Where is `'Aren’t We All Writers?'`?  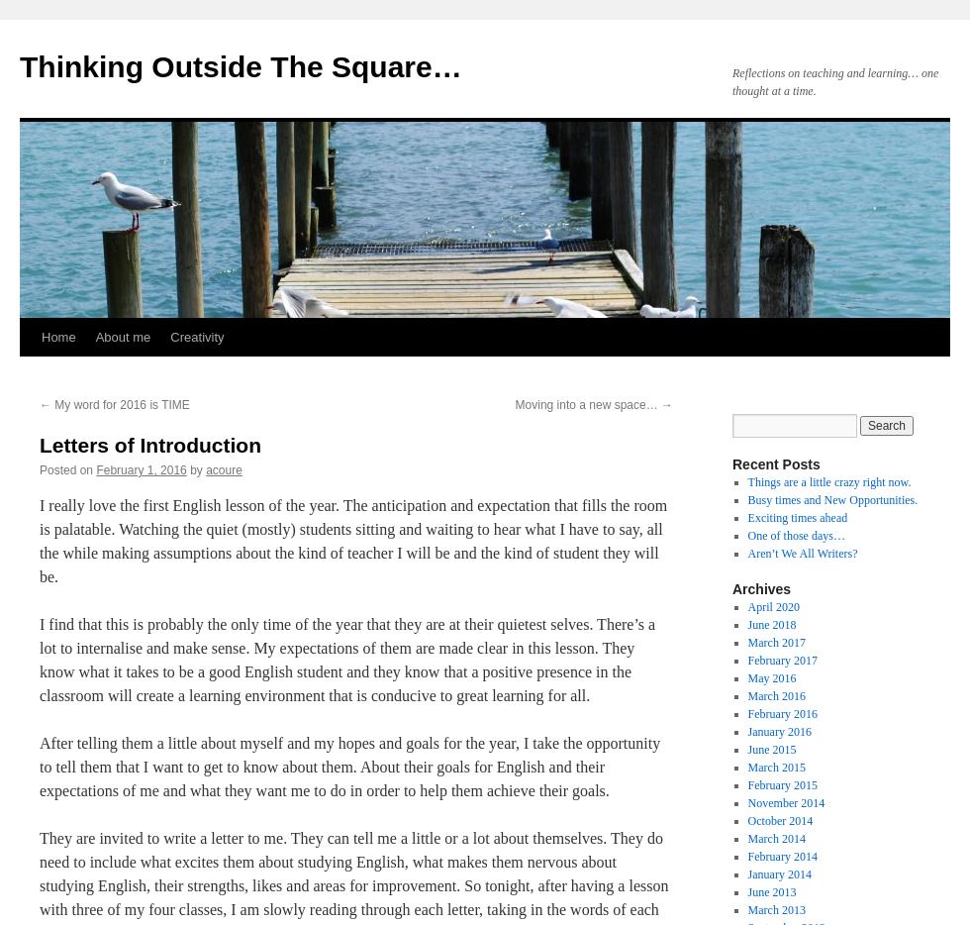
'Aren’t We All Writers?' is located at coordinates (802, 553).